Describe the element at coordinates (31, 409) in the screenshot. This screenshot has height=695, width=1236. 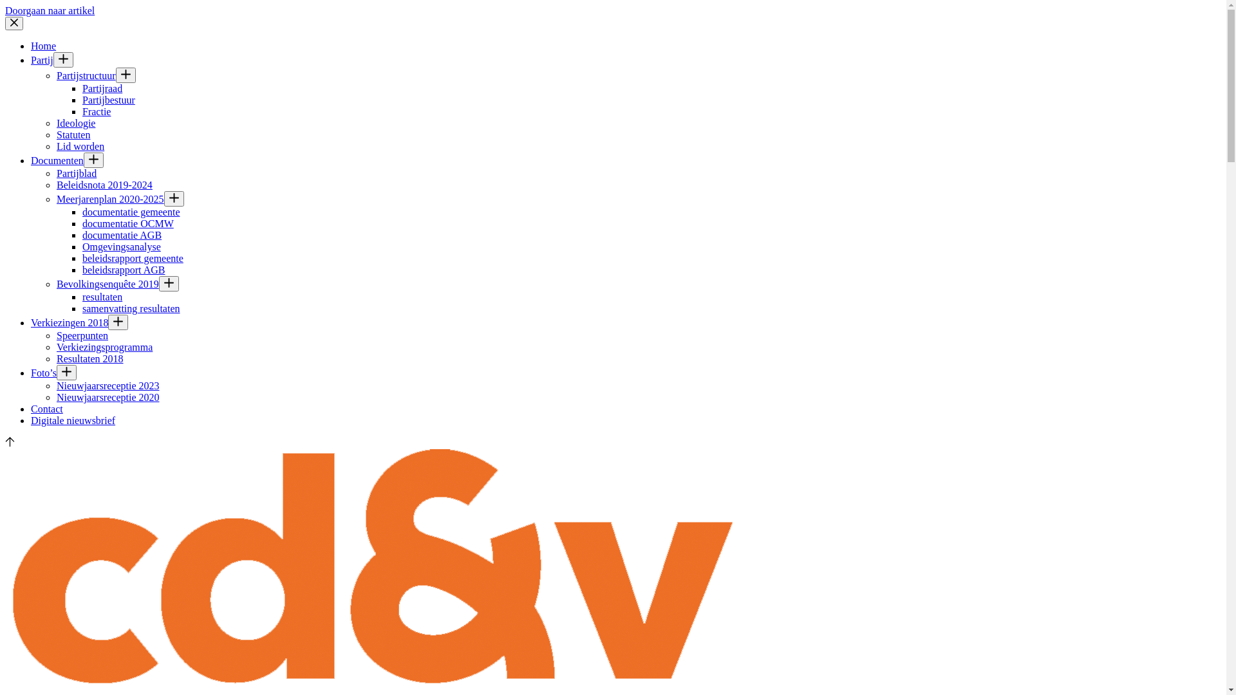
I see `'Contact'` at that location.